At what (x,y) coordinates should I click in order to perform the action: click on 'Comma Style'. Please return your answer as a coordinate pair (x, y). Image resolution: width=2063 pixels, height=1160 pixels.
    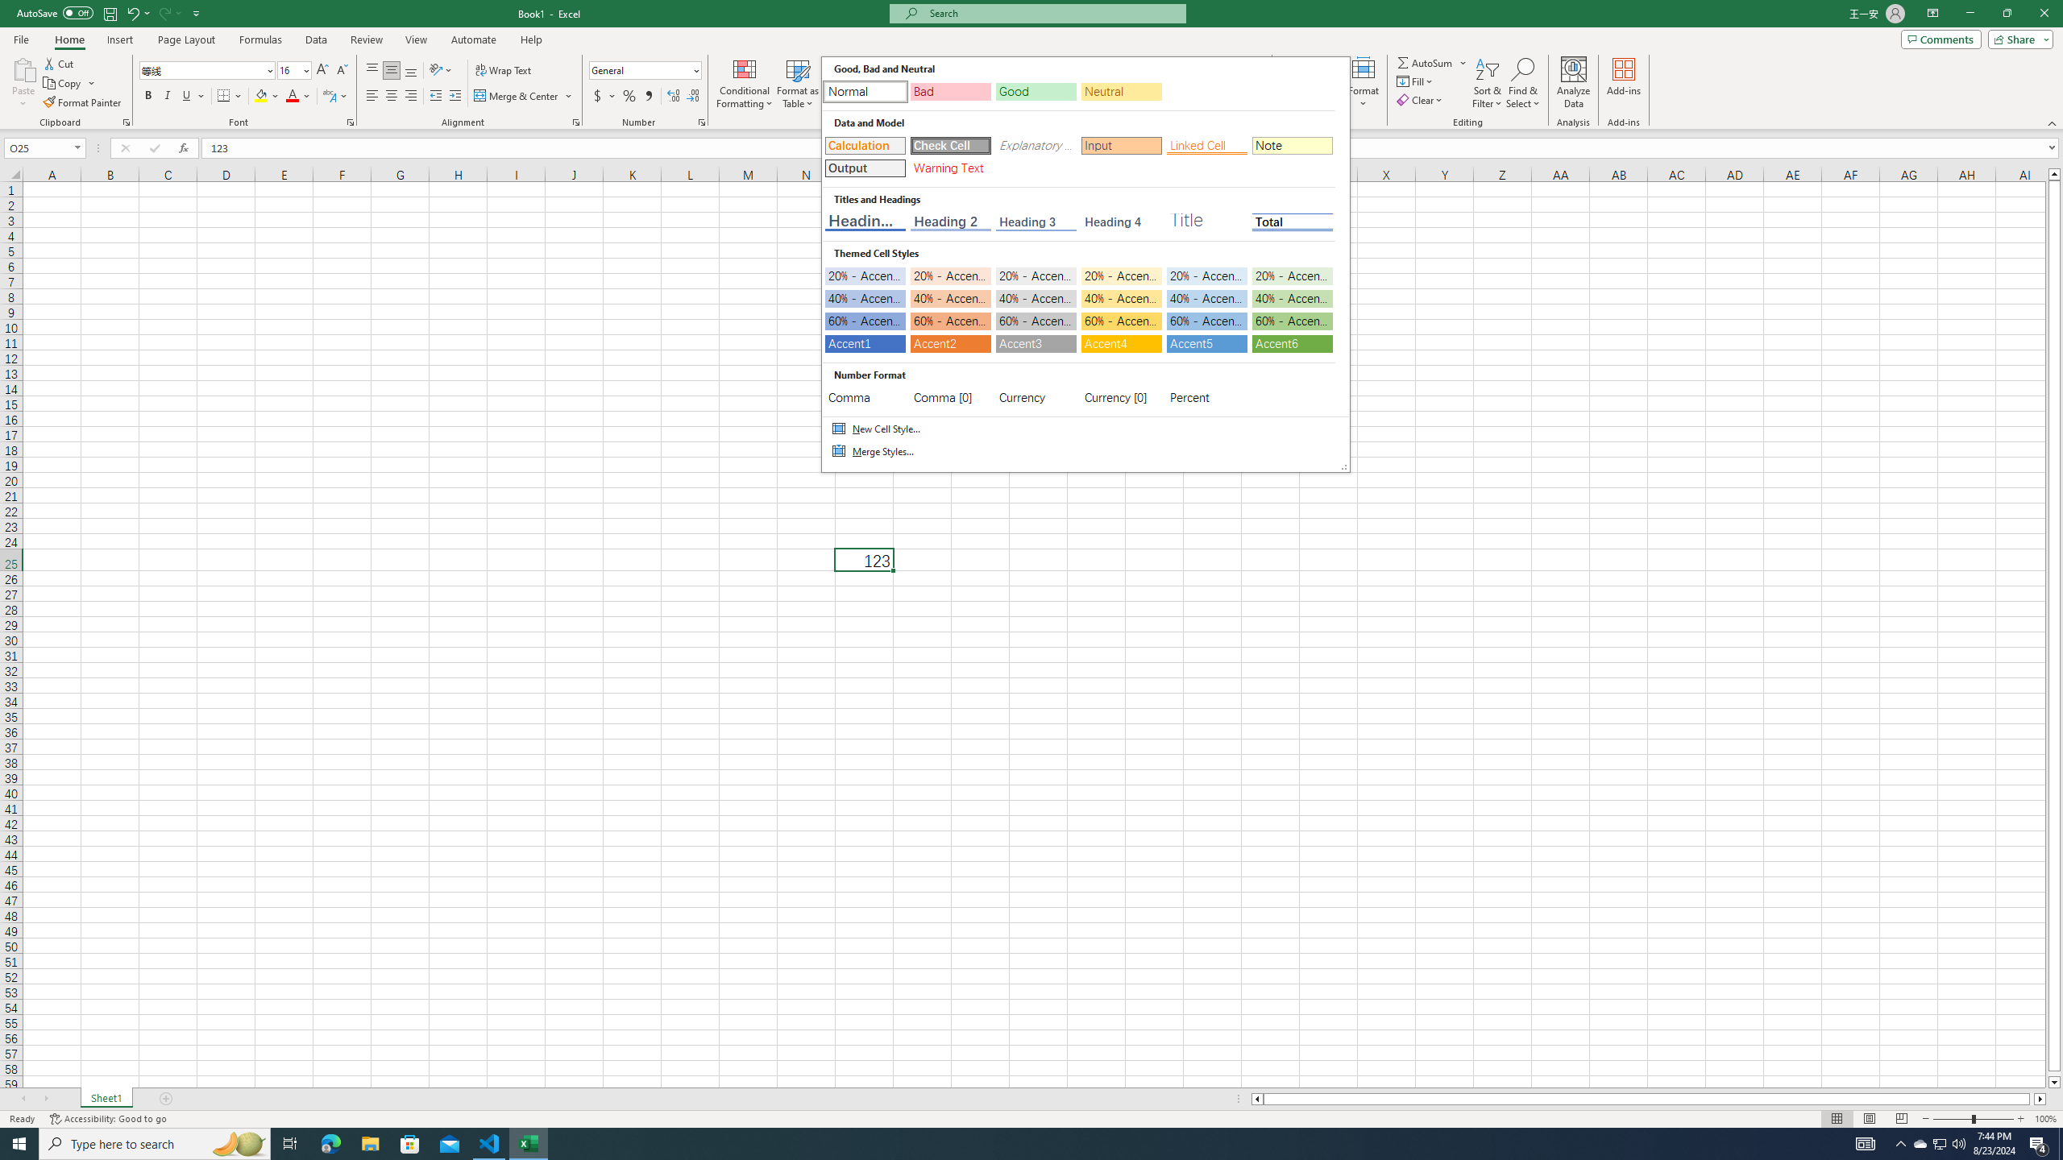
    Looking at the image, I should click on (648, 95).